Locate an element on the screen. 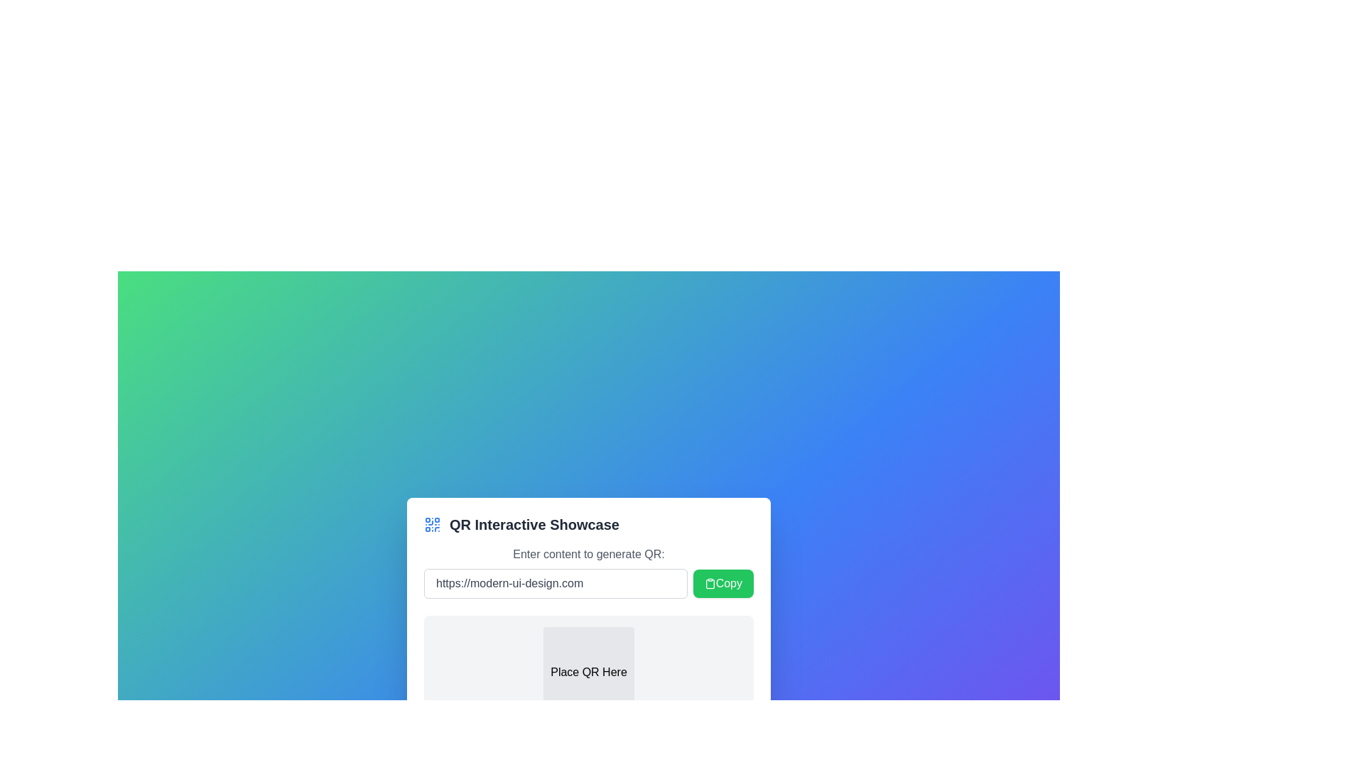 The image size is (1364, 767). the larger part of the clipboard icon, which is the rectangular body of the clipboard in the SVG-based clipboard illustration is located at coordinates (710, 584).